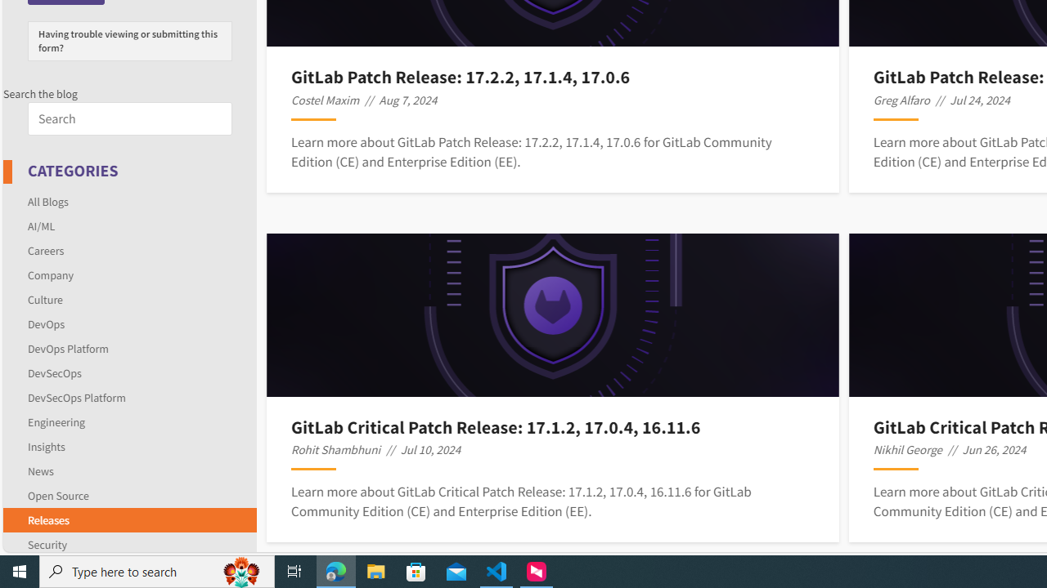 Image resolution: width=1047 pixels, height=588 pixels. I want to click on 'Rohit Shambhuni', so click(335, 449).